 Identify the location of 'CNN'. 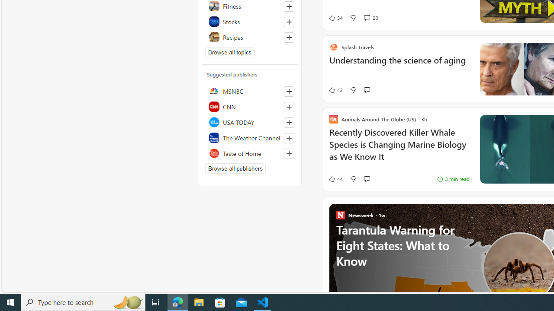
(249, 106).